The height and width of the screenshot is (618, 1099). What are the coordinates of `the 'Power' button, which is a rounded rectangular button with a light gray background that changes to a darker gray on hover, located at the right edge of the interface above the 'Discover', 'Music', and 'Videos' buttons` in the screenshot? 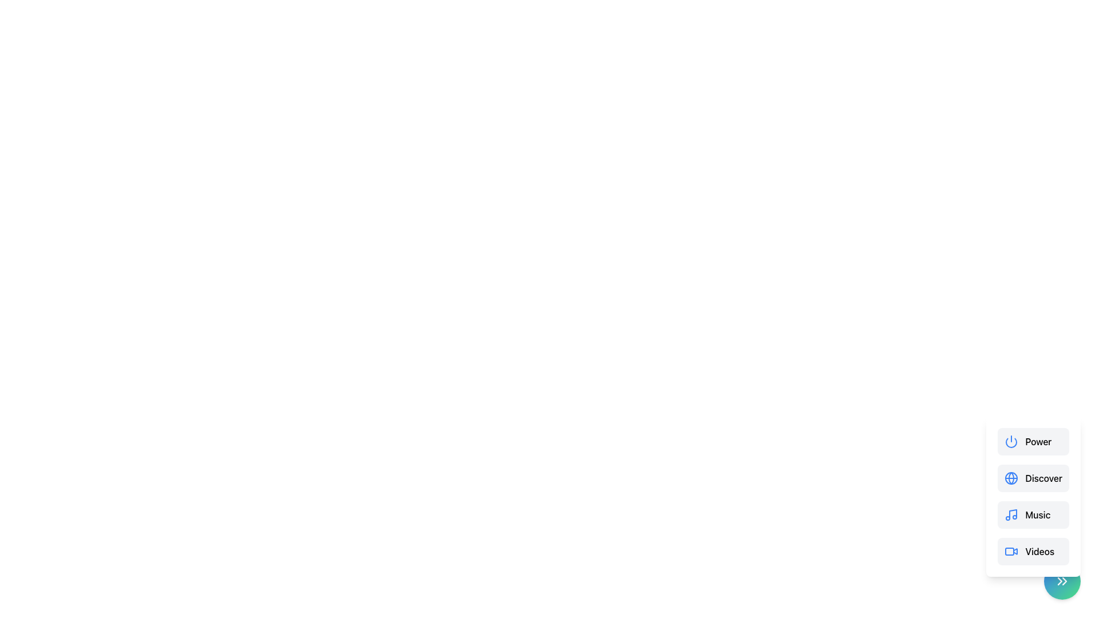 It's located at (1033, 441).